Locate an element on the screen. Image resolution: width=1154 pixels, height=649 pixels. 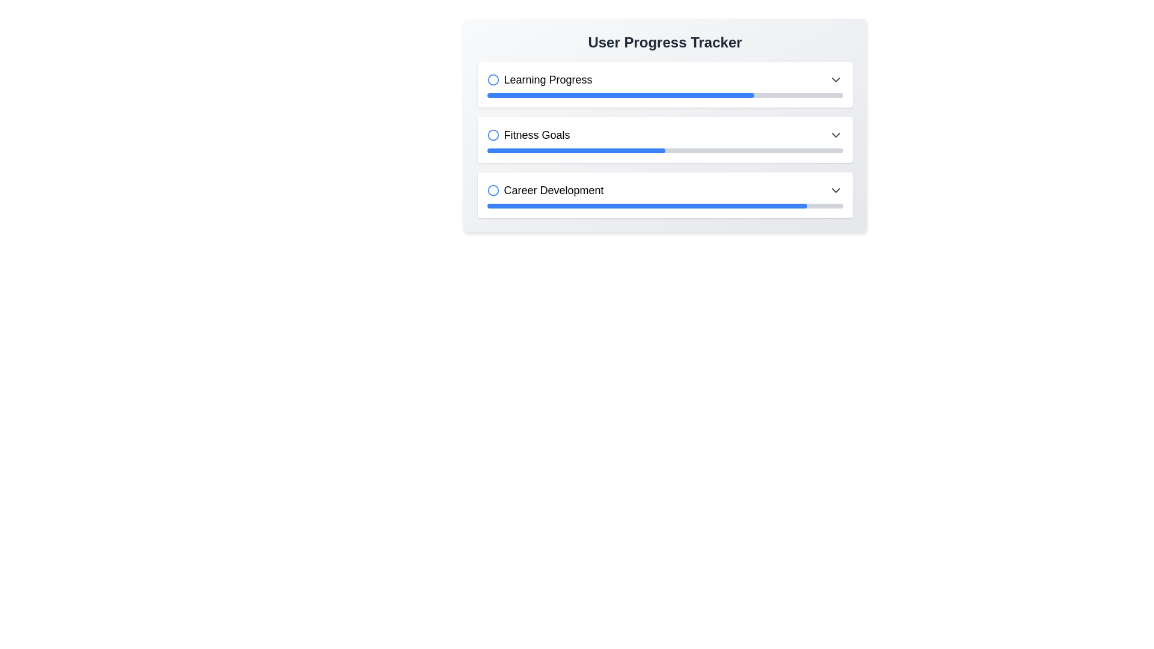
the Dropdown button located at the far-right end of the 'Learning Progress' section in the 'User Progress Tracker' interface to trigger a hover effect is located at coordinates (835, 79).